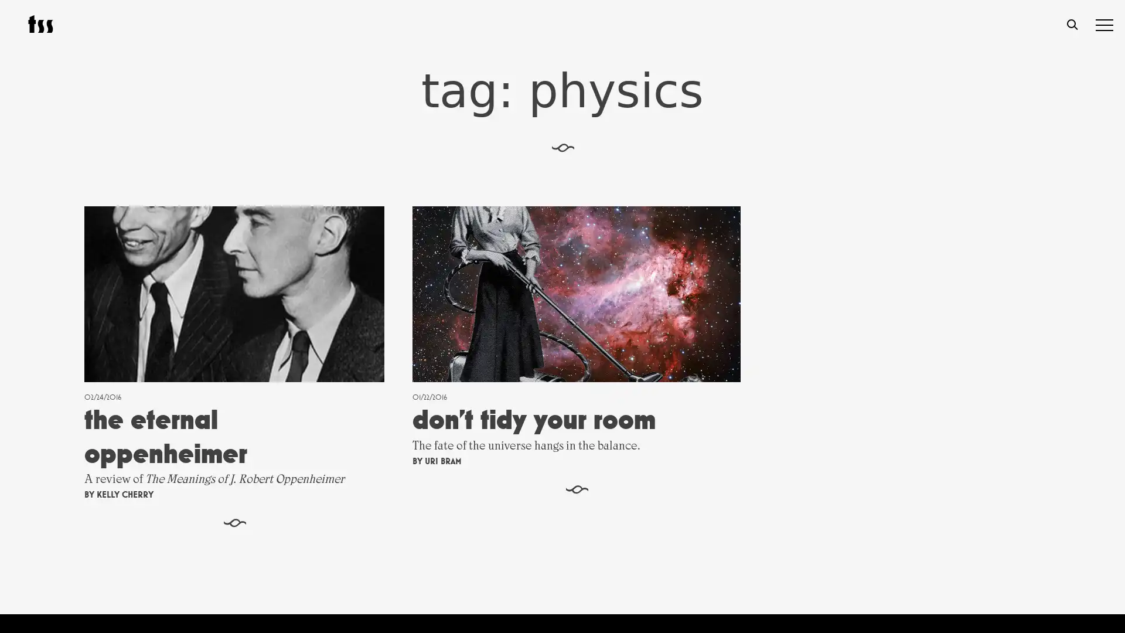 The image size is (1125, 633). Describe the element at coordinates (685, 508) in the screenshot. I see `Subscribe` at that location.